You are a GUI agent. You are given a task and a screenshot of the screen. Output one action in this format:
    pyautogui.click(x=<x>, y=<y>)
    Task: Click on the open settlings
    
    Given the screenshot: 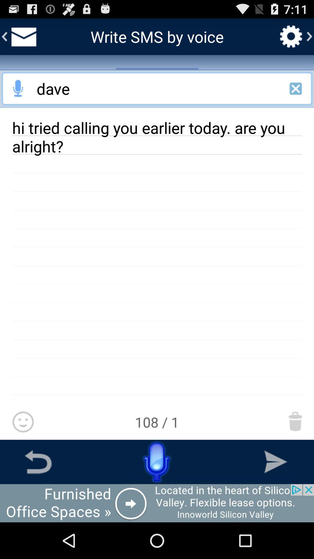 What is the action you would take?
    pyautogui.click(x=291, y=36)
    